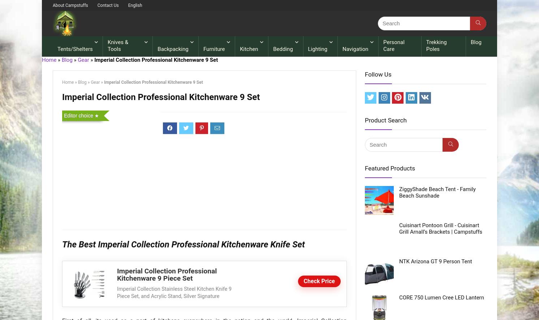 This screenshot has height=320, width=539. Describe the element at coordinates (117, 293) in the screenshot. I see `'Imperial Collection Stainless Steel Kitchen Knife 9 Piece Set, and Acrylic Stand, Silver Signature'` at that location.